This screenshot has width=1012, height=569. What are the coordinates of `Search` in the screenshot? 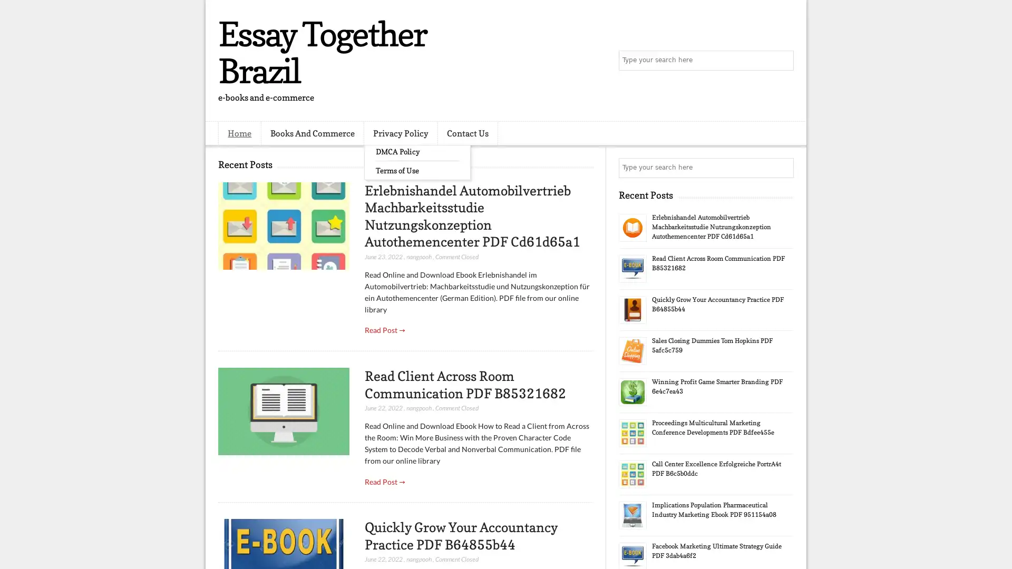 It's located at (783, 168).